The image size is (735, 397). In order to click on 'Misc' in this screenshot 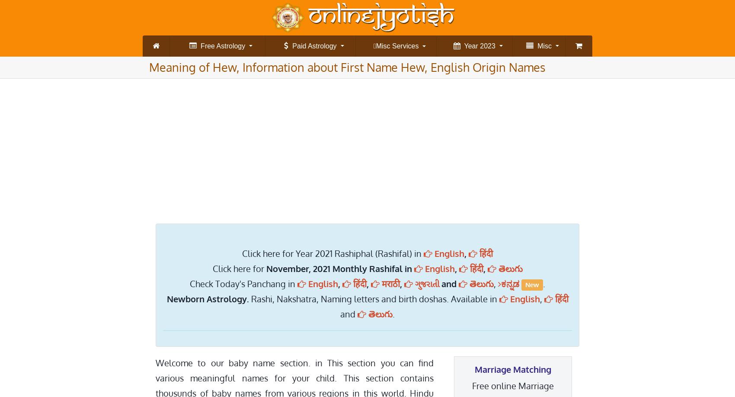, I will do `click(542, 45)`.